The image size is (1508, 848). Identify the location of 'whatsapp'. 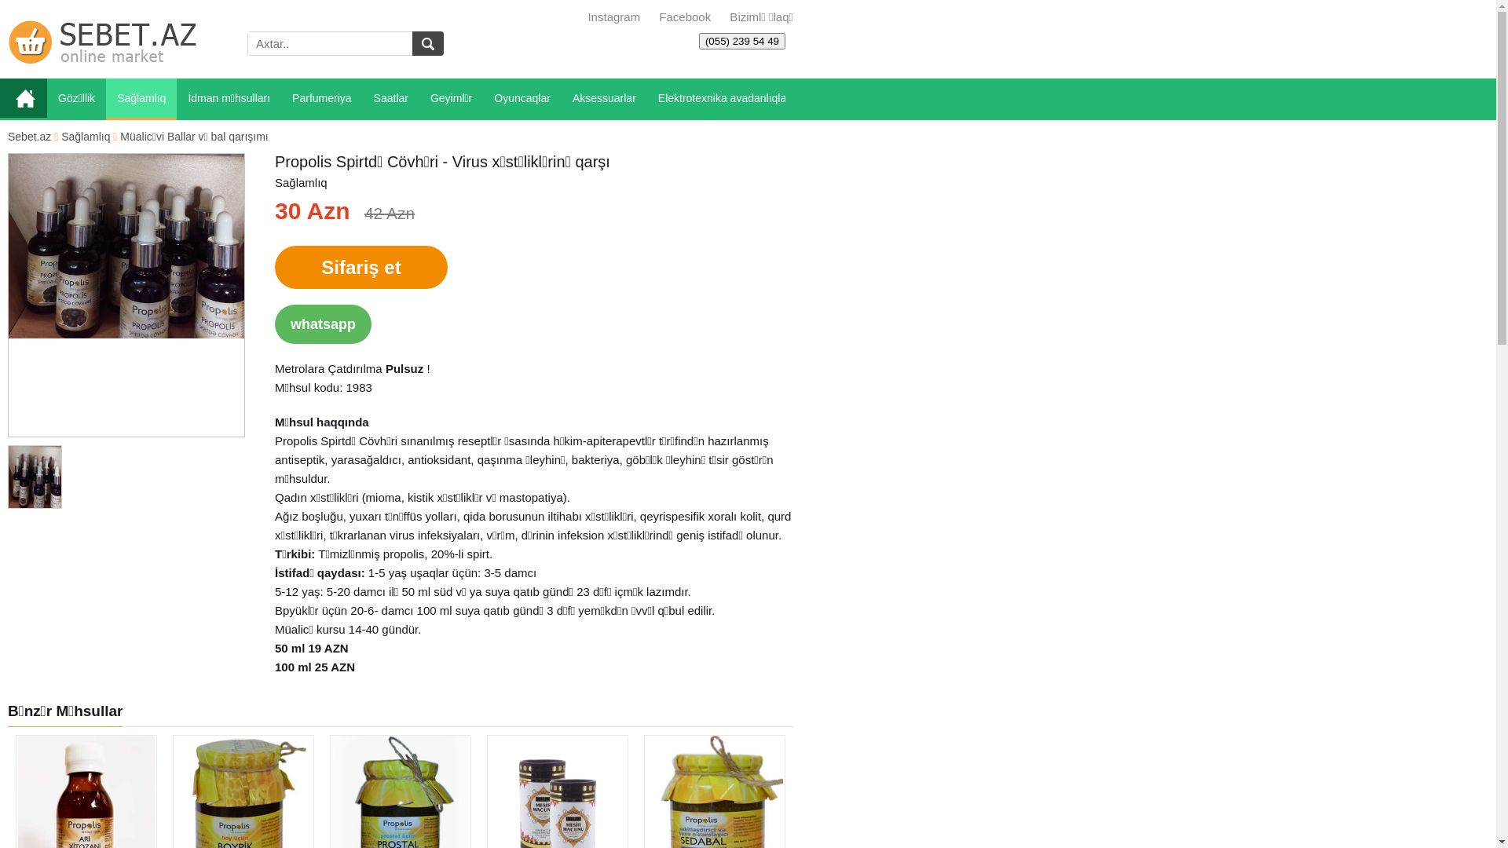
(322, 323).